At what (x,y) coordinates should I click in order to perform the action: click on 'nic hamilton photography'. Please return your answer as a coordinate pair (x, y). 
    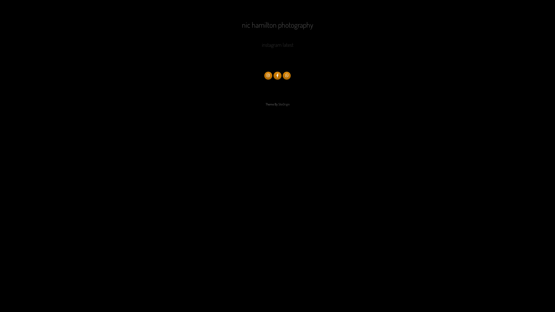
    Looking at the image, I should click on (277, 29).